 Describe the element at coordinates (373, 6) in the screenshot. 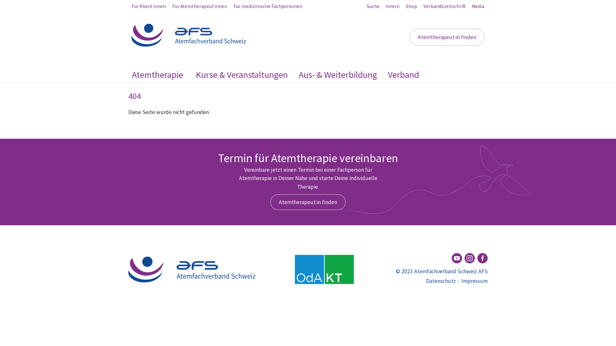

I see `'Suche'` at that location.